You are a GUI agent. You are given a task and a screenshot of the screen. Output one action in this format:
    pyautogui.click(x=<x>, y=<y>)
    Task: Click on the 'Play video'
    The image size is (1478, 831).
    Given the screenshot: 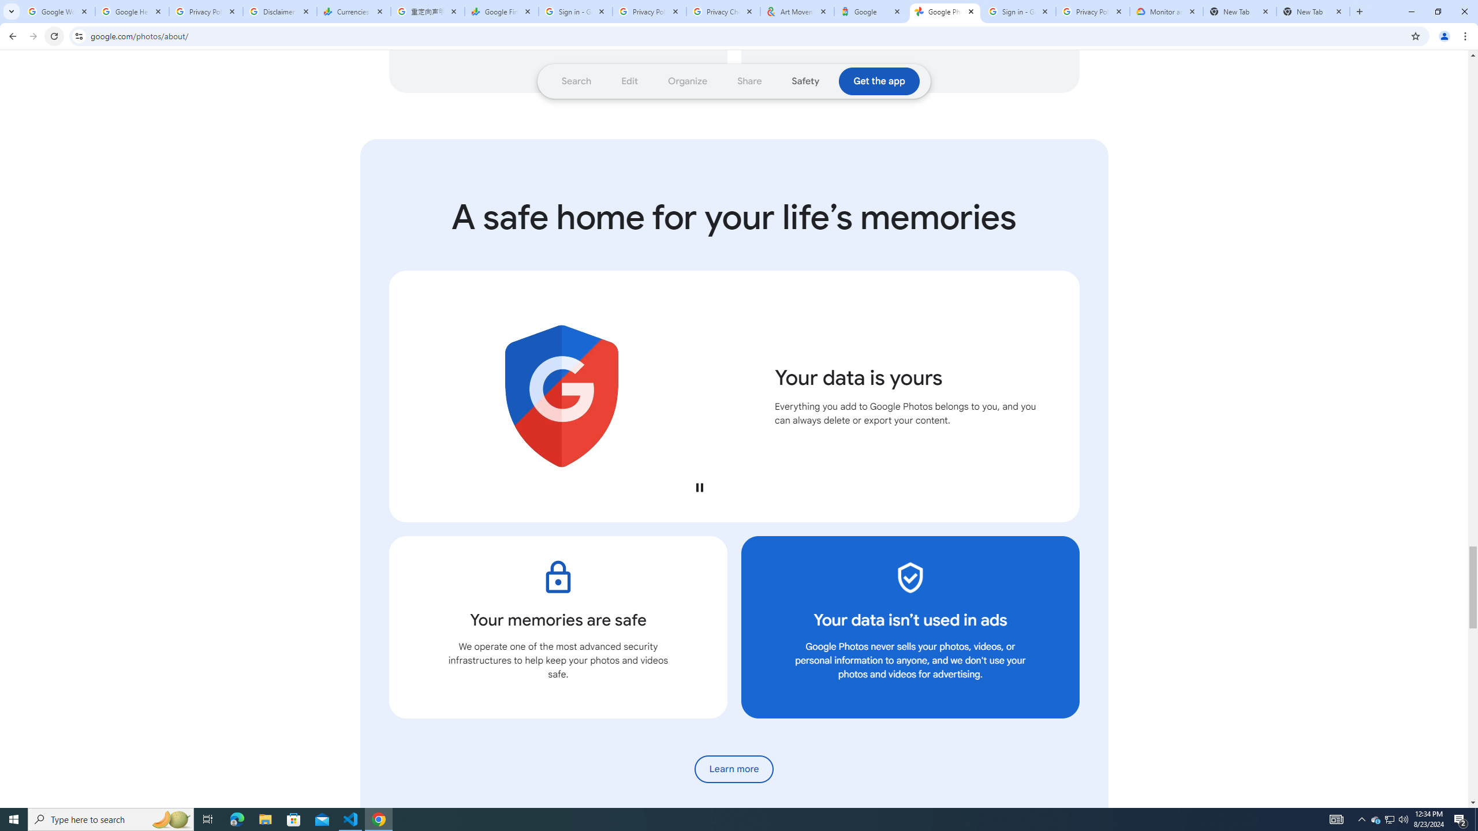 What is the action you would take?
    pyautogui.click(x=699, y=486)
    